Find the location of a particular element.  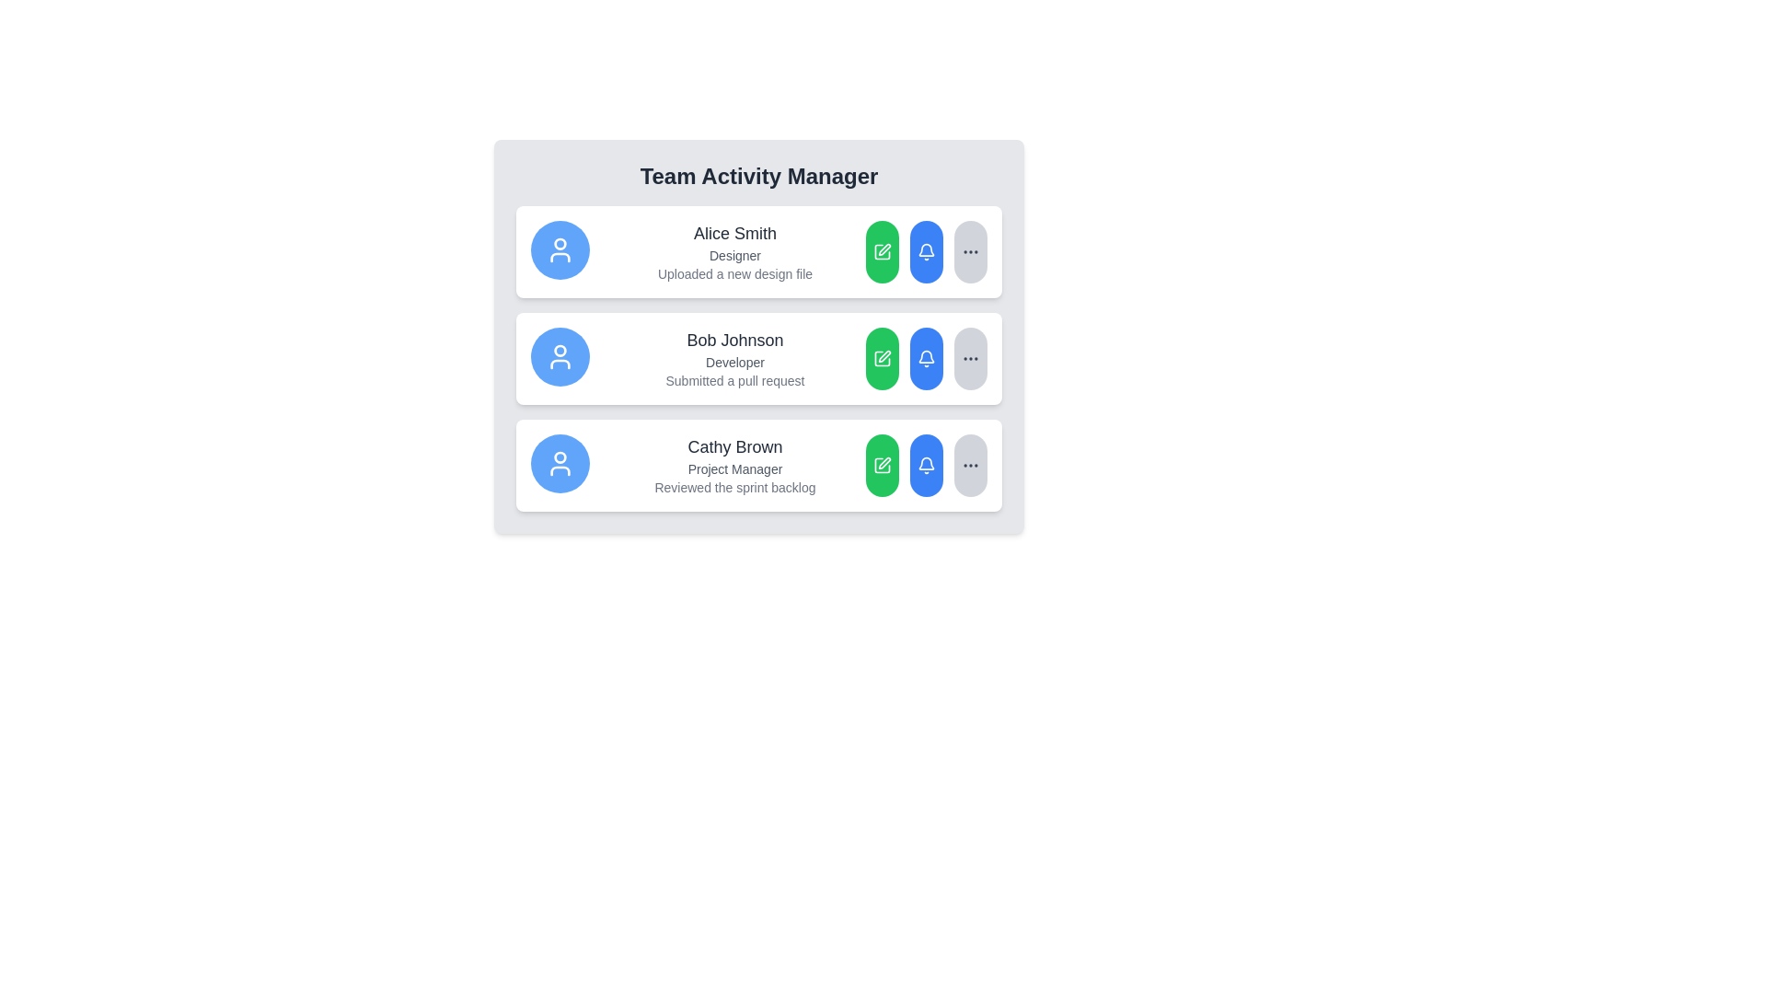

the second action icon with a green background associated with the user entry 'Cathy Brown' is located at coordinates (882, 464).